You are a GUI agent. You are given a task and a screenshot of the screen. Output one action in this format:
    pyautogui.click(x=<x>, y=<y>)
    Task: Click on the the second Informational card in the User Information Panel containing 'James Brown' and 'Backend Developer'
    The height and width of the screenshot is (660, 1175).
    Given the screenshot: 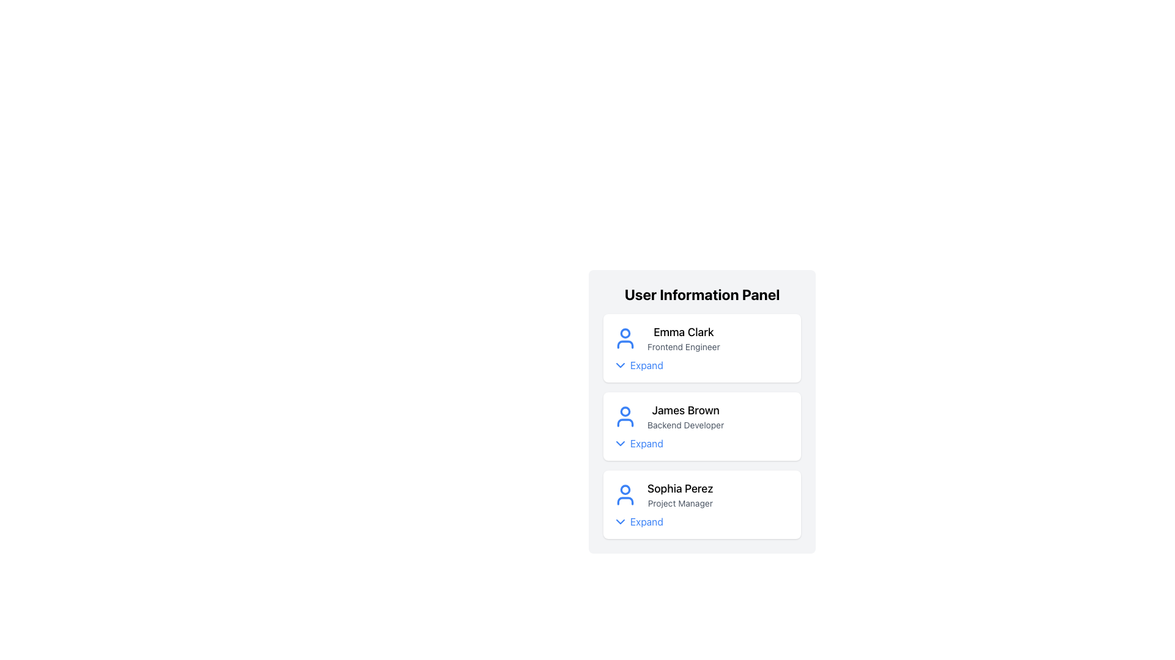 What is the action you would take?
    pyautogui.click(x=702, y=426)
    